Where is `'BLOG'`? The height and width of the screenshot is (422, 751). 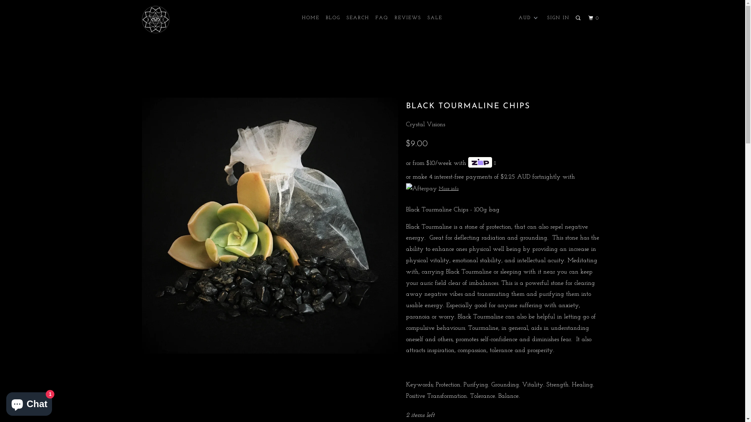
'BLOG' is located at coordinates (333, 18).